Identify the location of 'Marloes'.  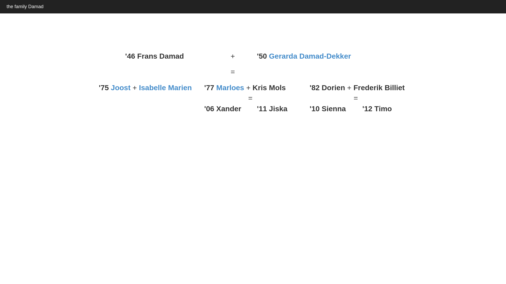
(216, 87).